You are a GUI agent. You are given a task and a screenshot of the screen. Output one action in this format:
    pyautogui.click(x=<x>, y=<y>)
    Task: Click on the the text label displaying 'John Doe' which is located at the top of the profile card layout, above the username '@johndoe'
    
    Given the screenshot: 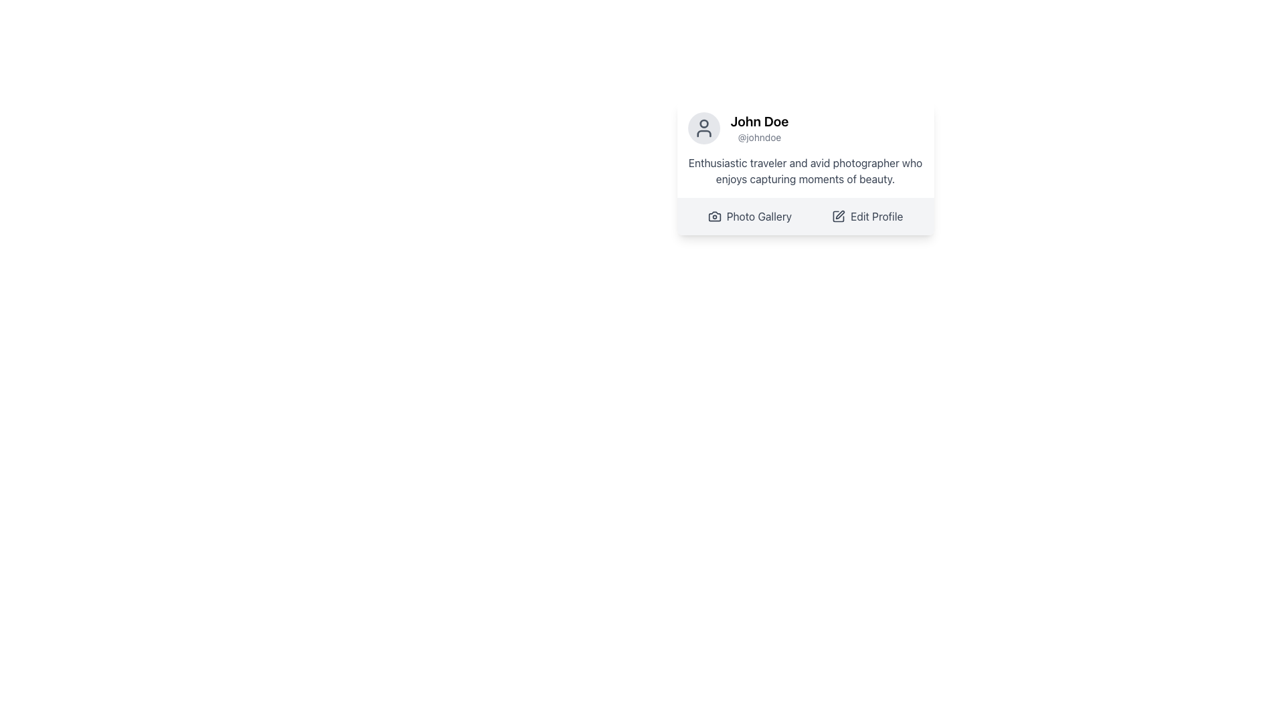 What is the action you would take?
    pyautogui.click(x=759, y=121)
    